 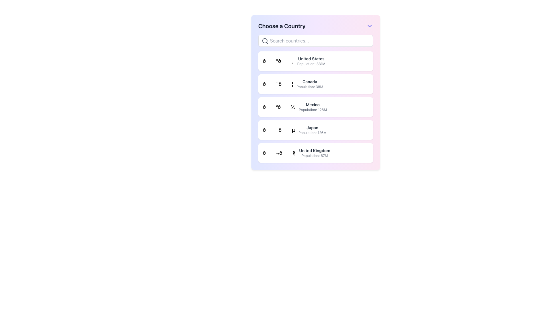 What do you see at coordinates (312, 110) in the screenshot?
I see `text label displaying the population of Mexico, which is located in the third list item of the dropdown menu under 'Choose a Country'` at bounding box center [312, 110].